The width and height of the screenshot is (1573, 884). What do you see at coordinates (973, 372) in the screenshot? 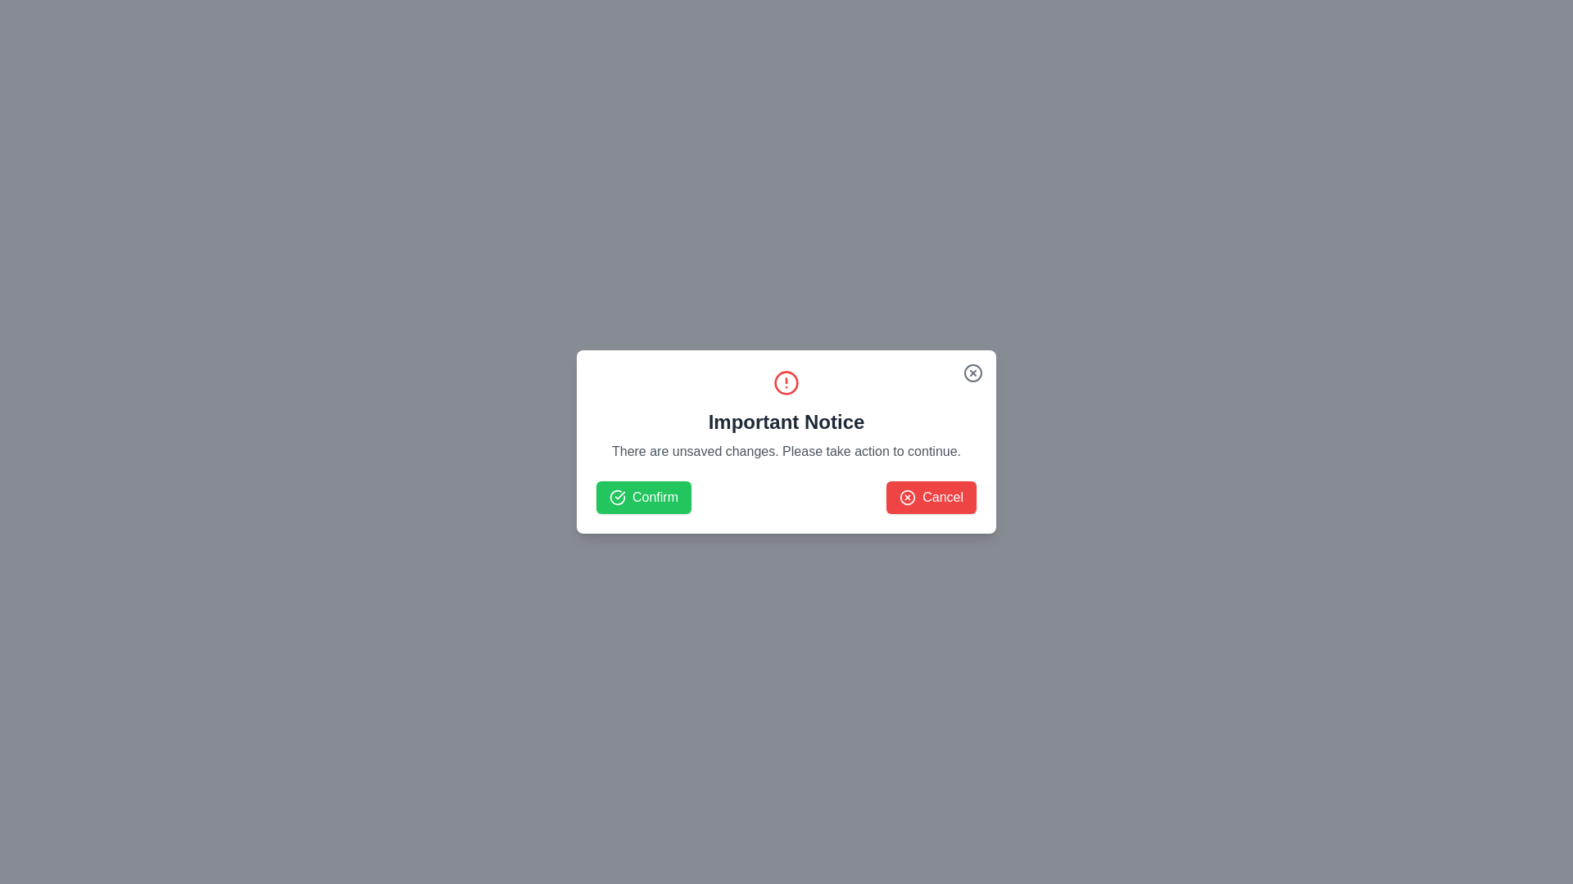
I see `the SVG circle element that forms the outer circular boundary of the close icon located in the top-right corner of the modal window` at bounding box center [973, 372].